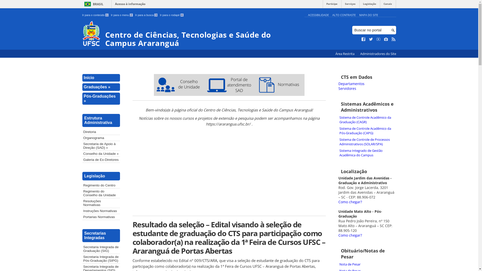 The image size is (482, 271). Describe the element at coordinates (82, 138) in the screenshot. I see `'Organograma'` at that location.